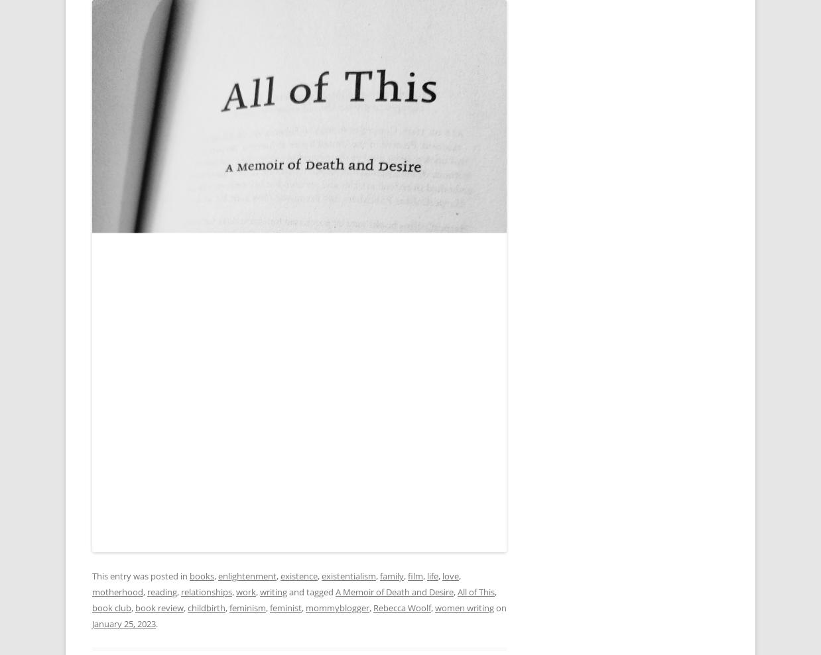 This screenshot has width=821, height=655. I want to click on 'book club', so click(111, 607).